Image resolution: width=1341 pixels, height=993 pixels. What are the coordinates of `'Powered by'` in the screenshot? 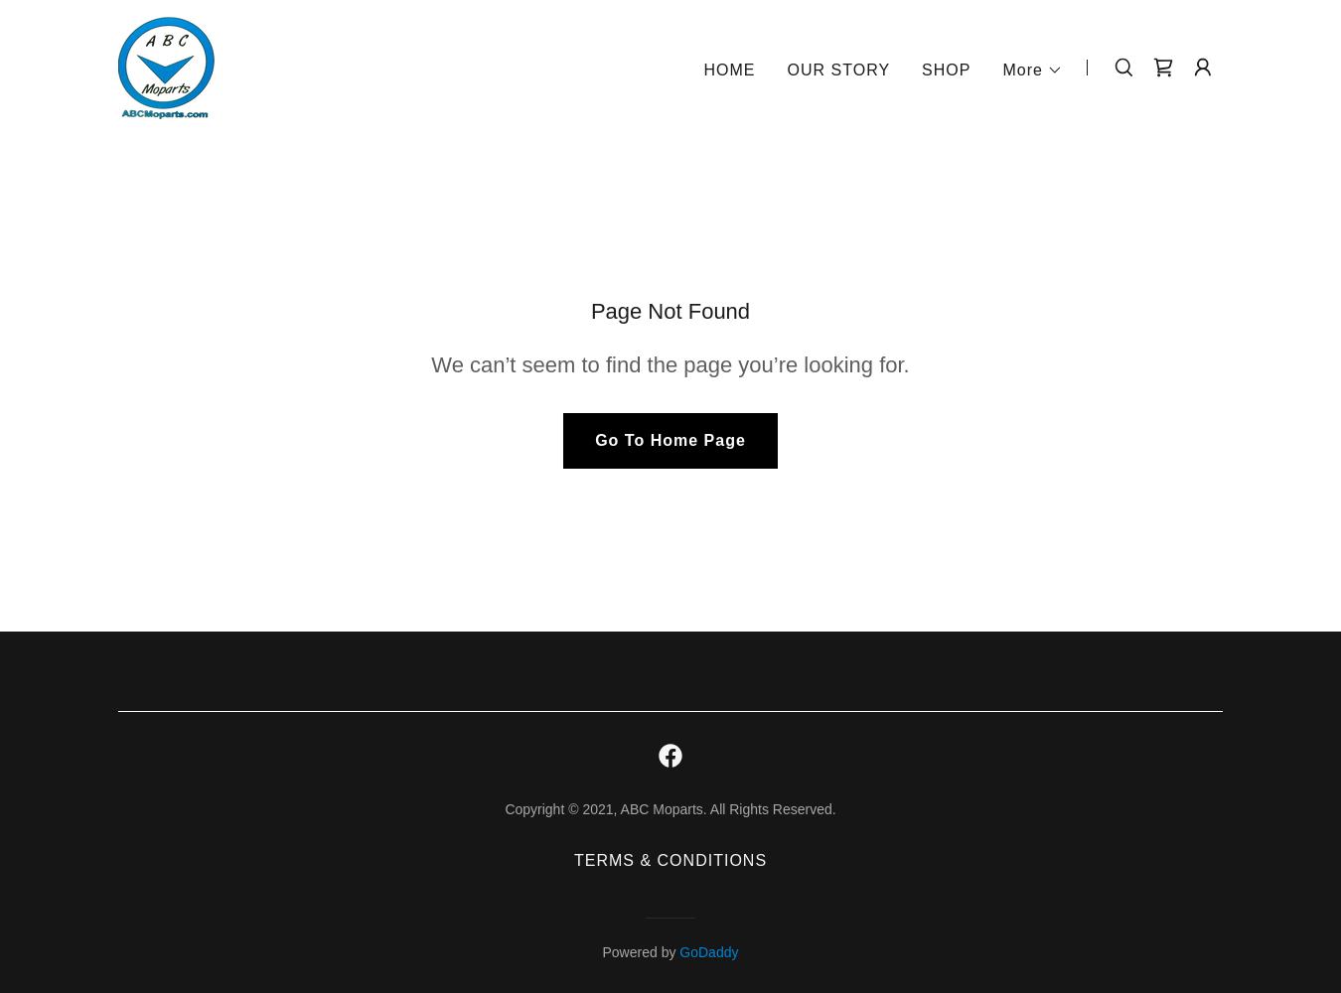 It's located at (641, 951).